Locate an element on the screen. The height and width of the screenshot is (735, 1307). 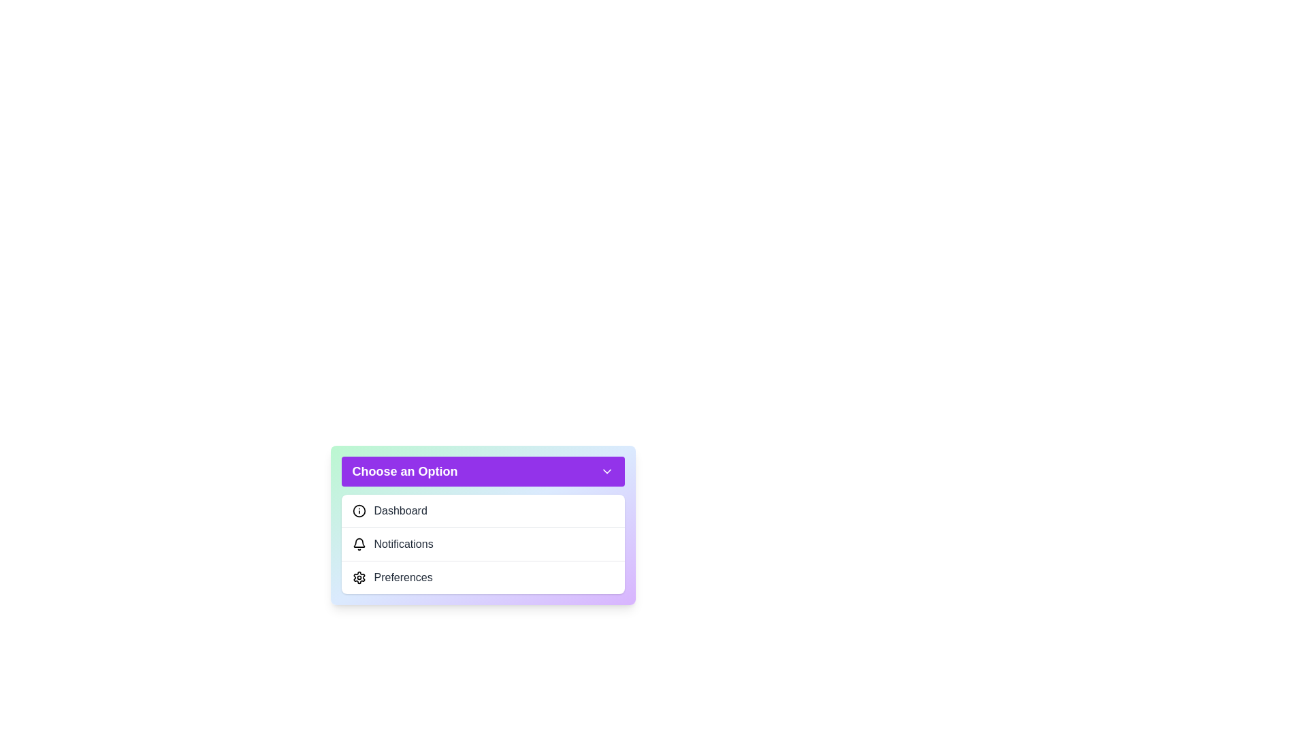
the option Preferences from the dropdown menu is located at coordinates (483, 577).